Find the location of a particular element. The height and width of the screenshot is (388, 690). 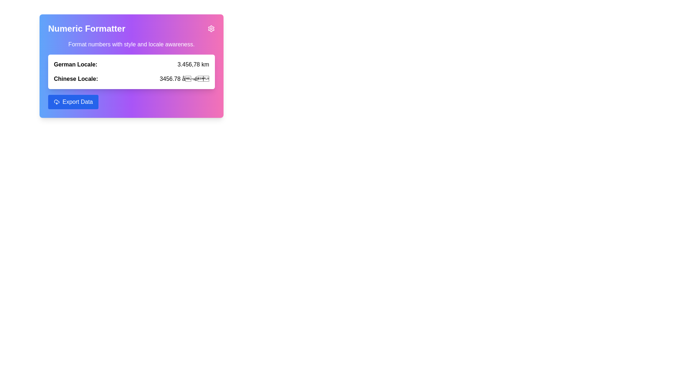

the circular gear icon with a pink background located at the top-right corner of the 'Numeric Formatter' section is located at coordinates (211, 28).